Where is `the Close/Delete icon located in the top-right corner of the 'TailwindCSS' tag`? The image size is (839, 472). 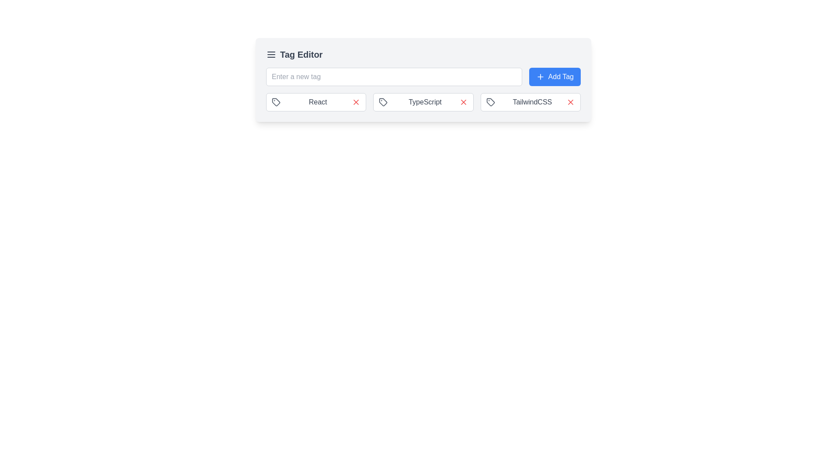
the Close/Delete icon located in the top-right corner of the 'TailwindCSS' tag is located at coordinates (570, 102).